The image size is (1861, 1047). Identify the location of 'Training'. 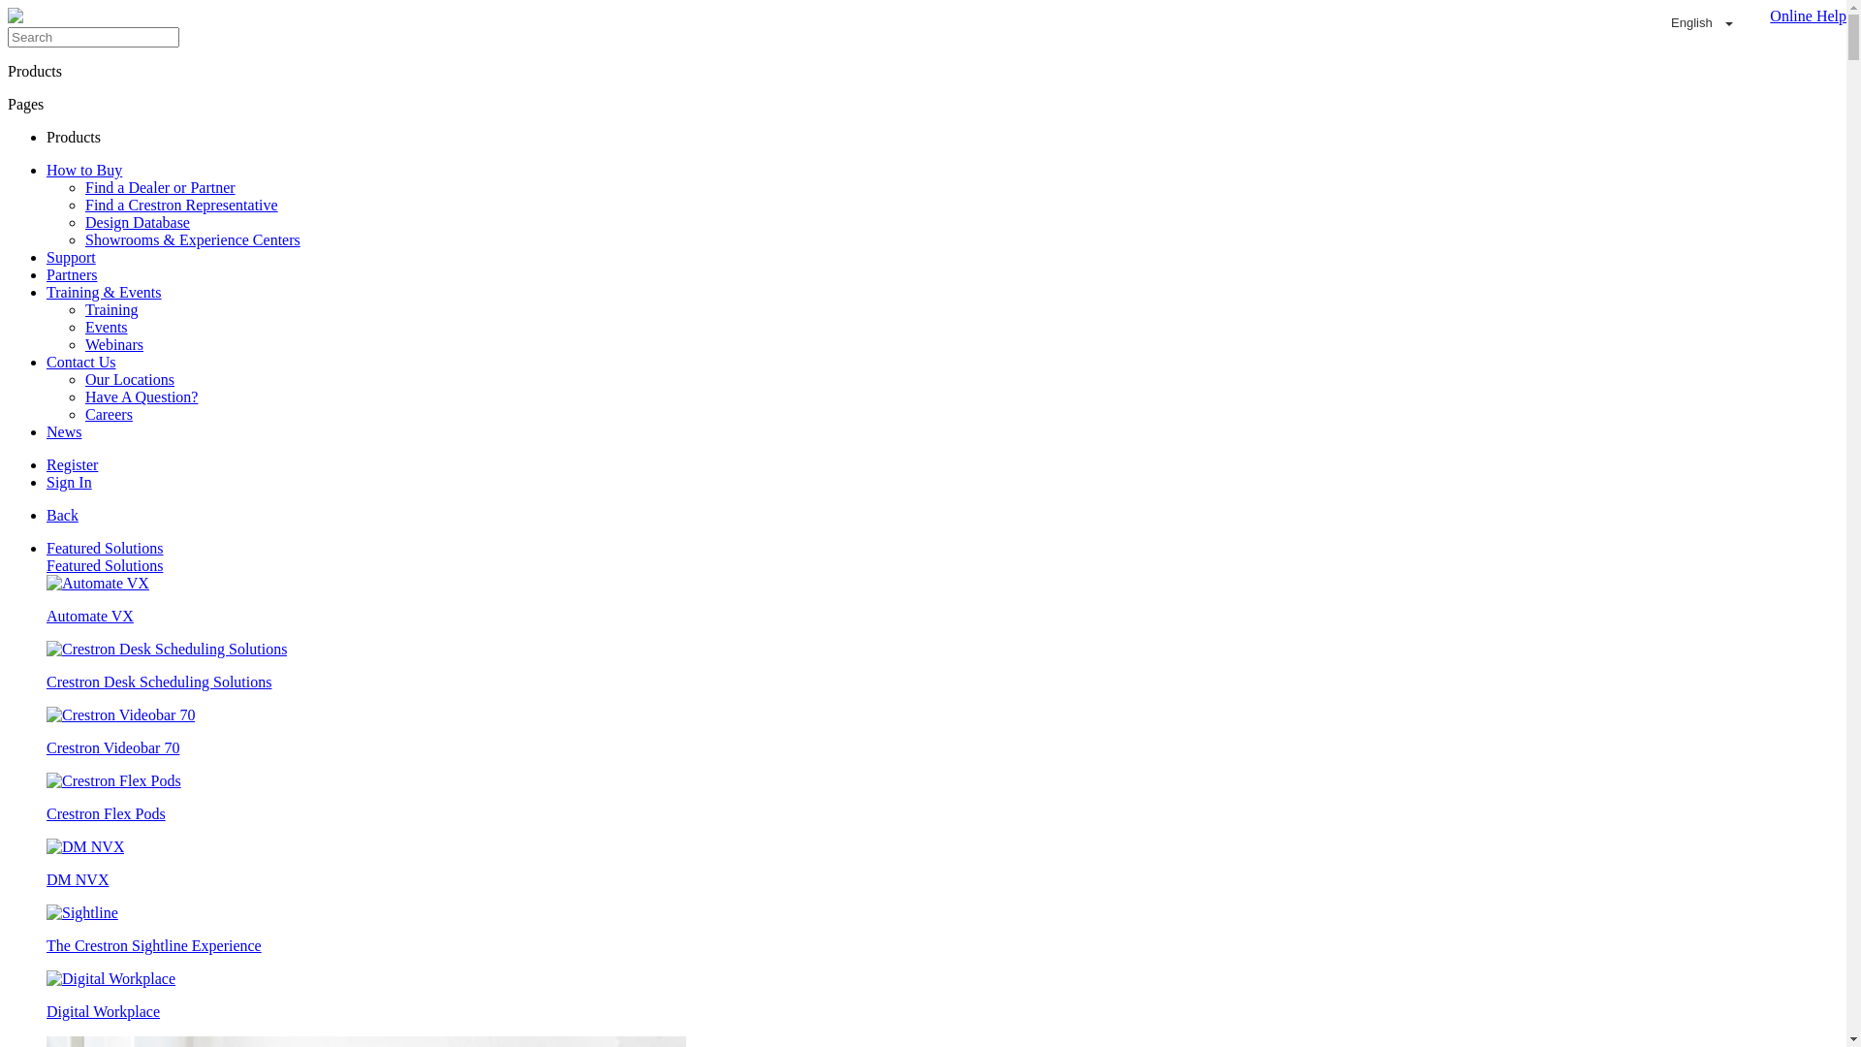
(83, 308).